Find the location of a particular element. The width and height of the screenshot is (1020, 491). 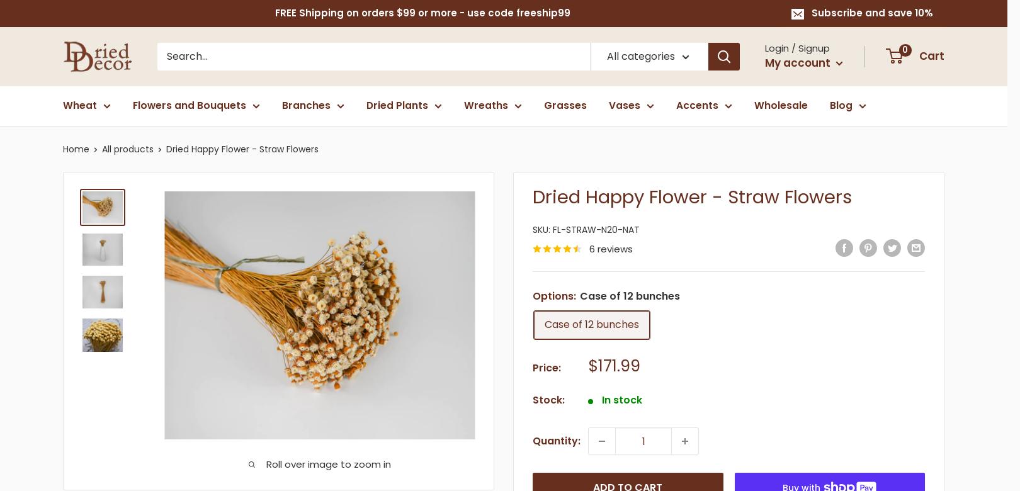

'Preserved Leaves' is located at coordinates (723, 188).